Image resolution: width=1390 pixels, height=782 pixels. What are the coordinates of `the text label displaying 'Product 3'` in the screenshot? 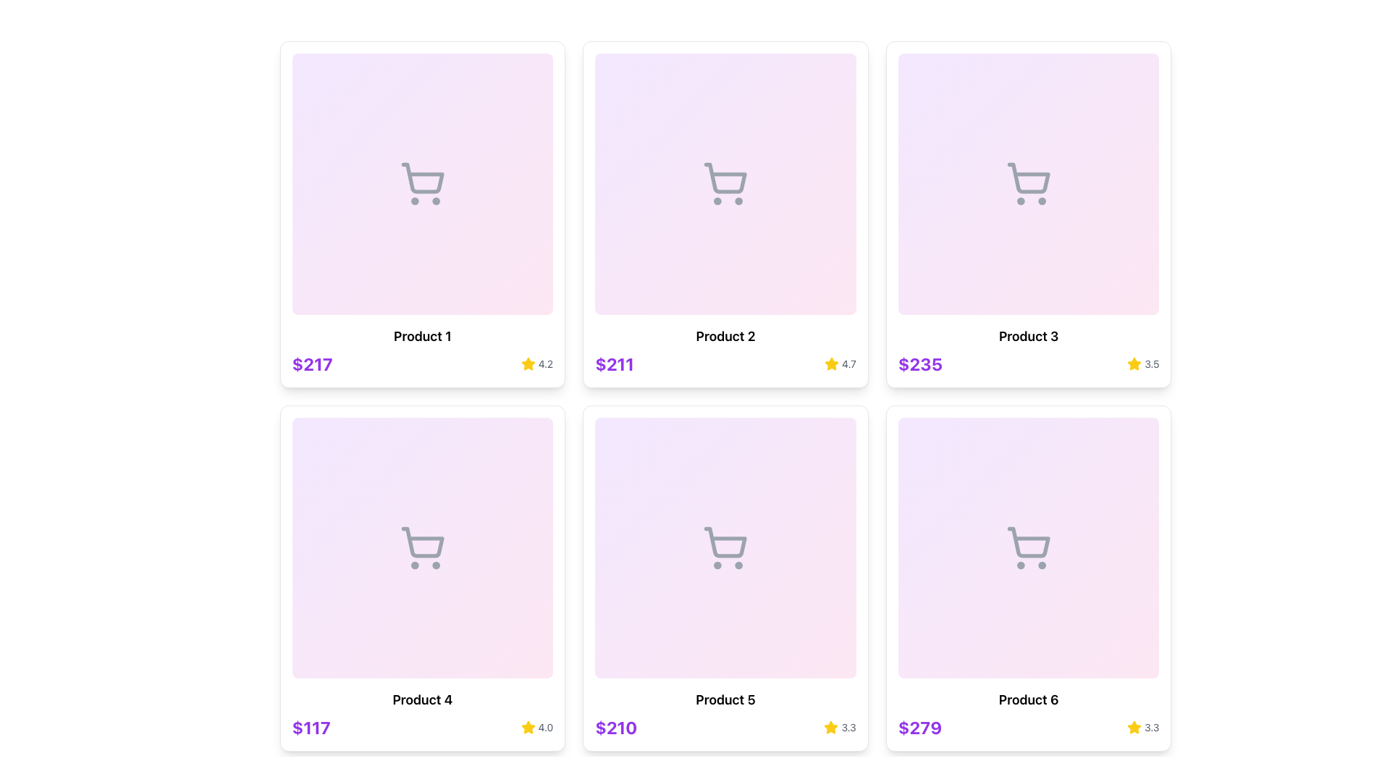 It's located at (1028, 336).